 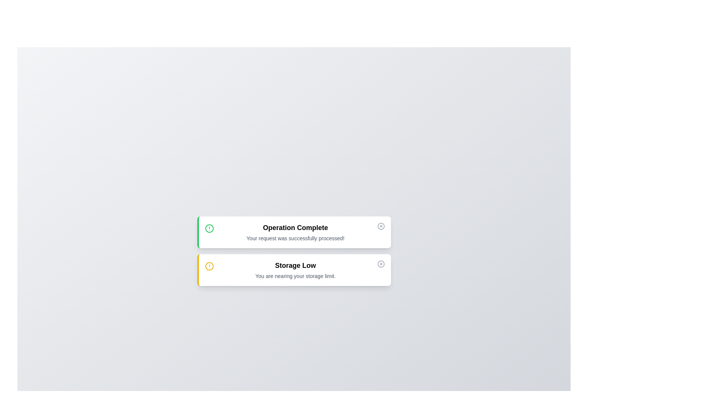 What do you see at coordinates (293, 232) in the screenshot?
I see `the alert box to observe the scaling effect` at bounding box center [293, 232].